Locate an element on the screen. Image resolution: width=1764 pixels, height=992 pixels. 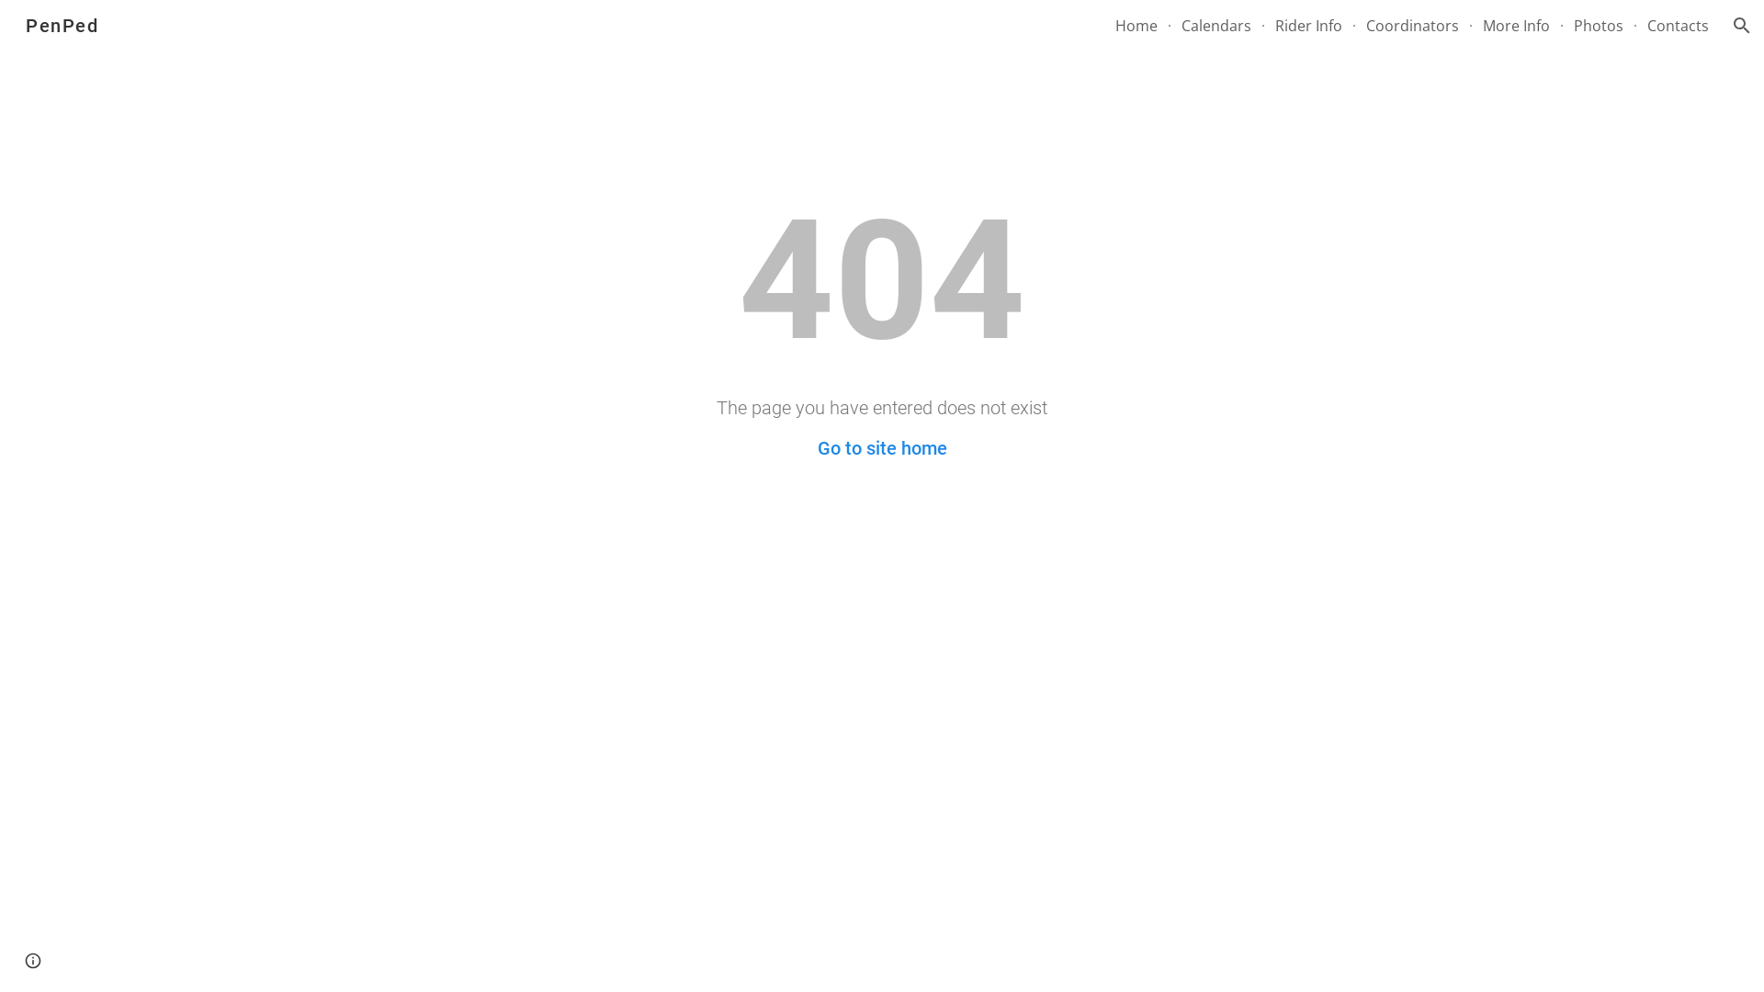
'Rider Info' is located at coordinates (1307, 25).